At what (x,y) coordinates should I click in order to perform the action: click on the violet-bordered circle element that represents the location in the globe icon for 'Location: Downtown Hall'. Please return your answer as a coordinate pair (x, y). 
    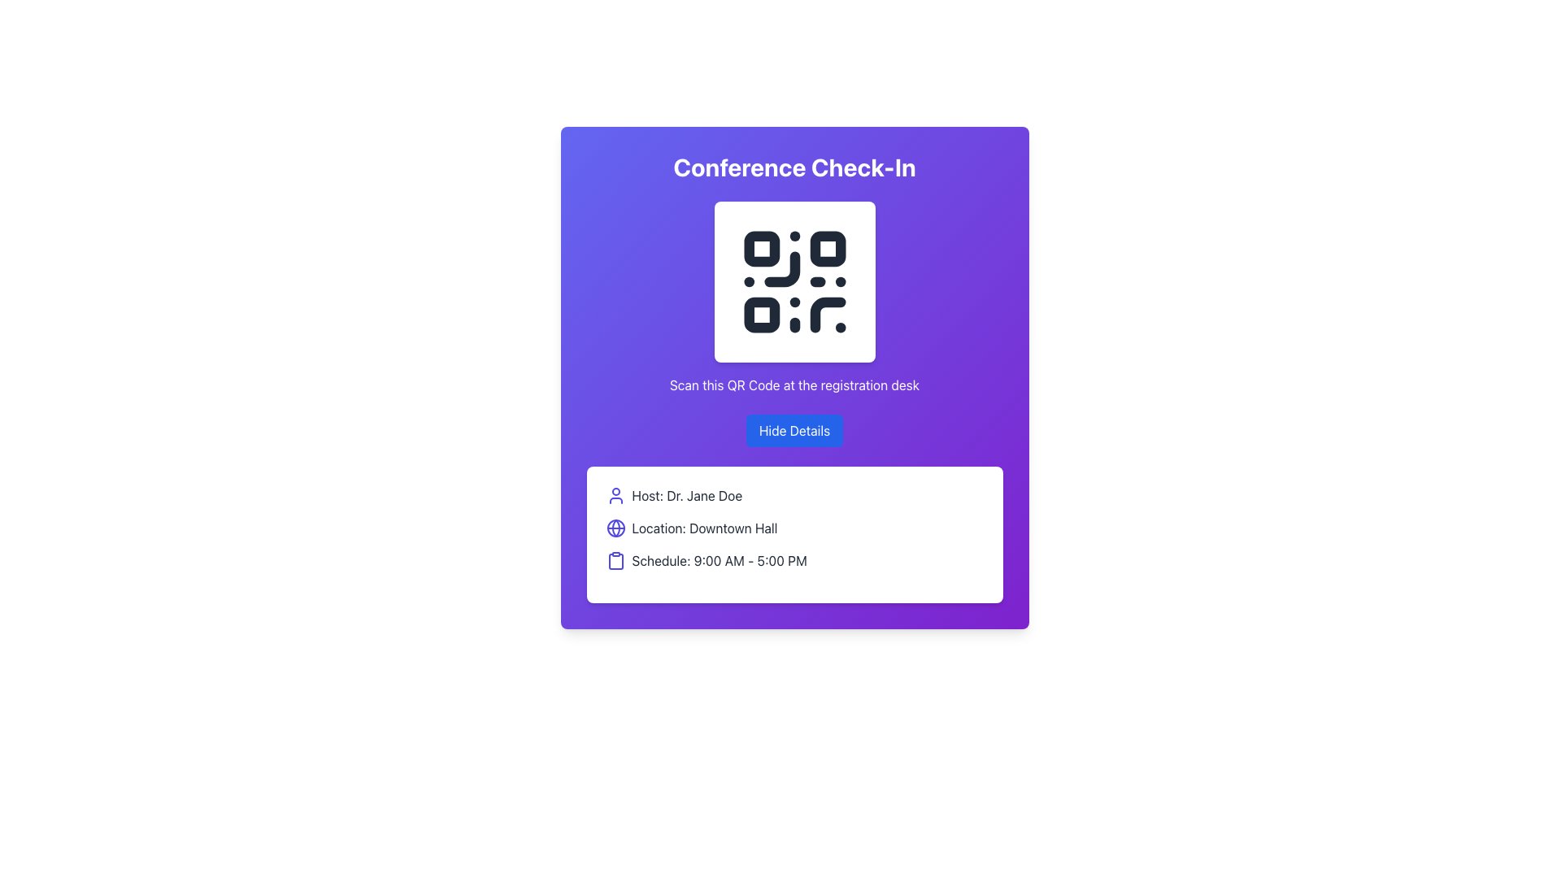
    Looking at the image, I should click on (615, 528).